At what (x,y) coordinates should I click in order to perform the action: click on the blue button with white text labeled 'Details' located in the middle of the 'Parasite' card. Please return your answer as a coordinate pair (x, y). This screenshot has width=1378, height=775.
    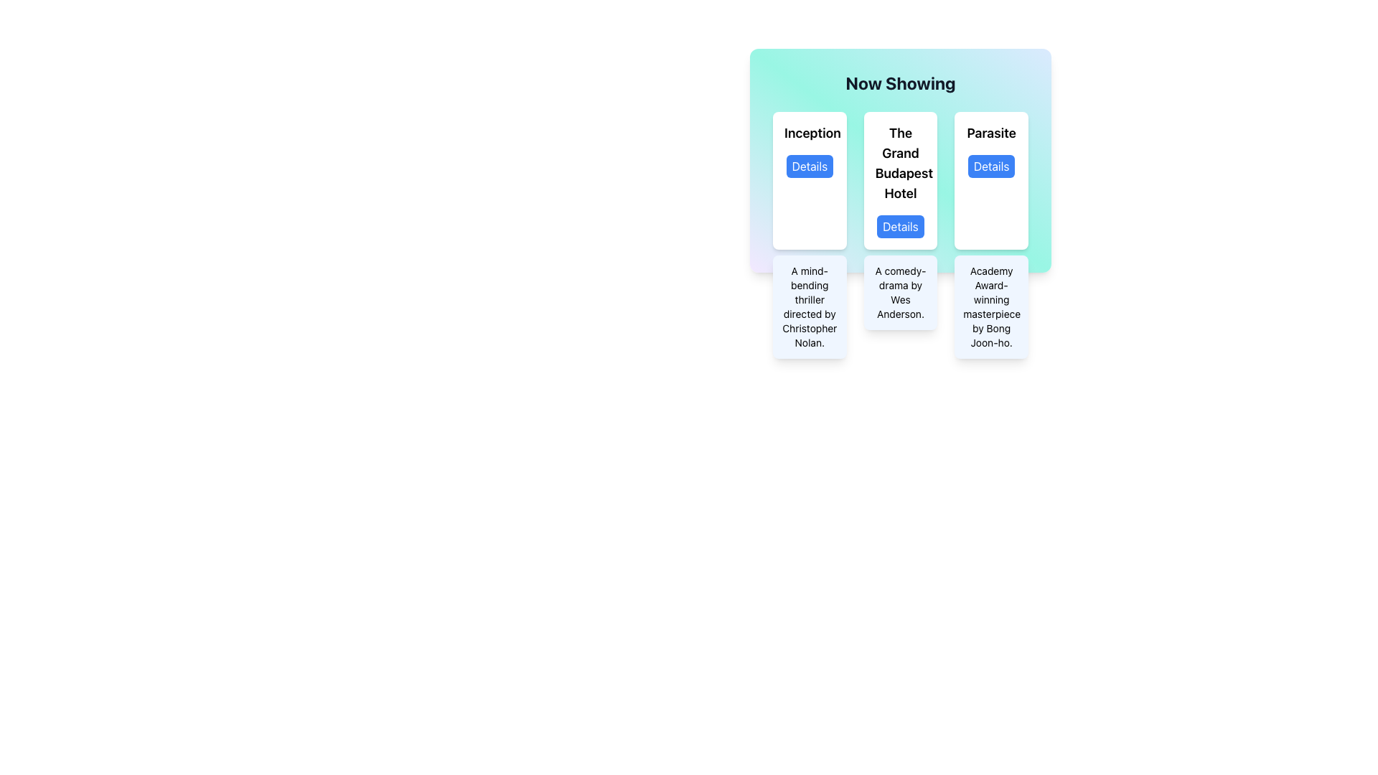
    Looking at the image, I should click on (990, 165).